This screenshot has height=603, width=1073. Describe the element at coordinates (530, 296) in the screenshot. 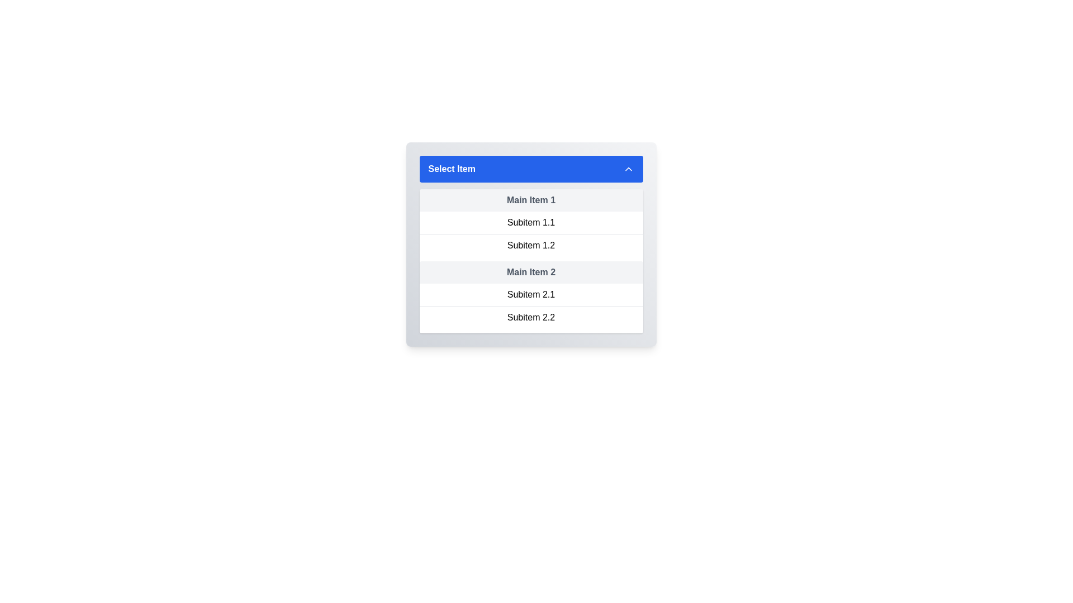

I see `the subitems of the 'Main Item 2' dropdown list` at that location.